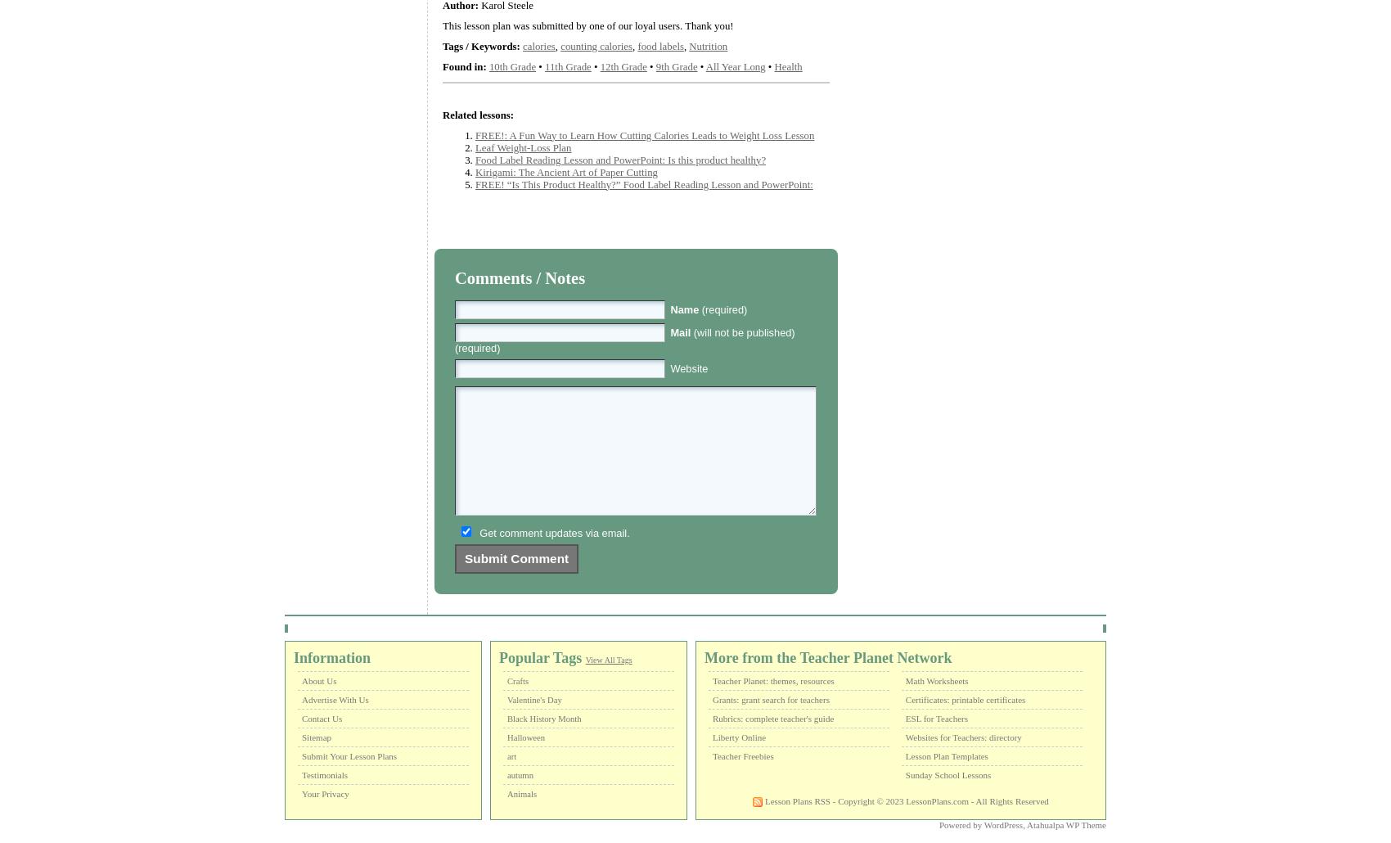 This screenshot has height=843, width=1391. I want to click on 'Atahualpa WP Theme', so click(1025, 823).